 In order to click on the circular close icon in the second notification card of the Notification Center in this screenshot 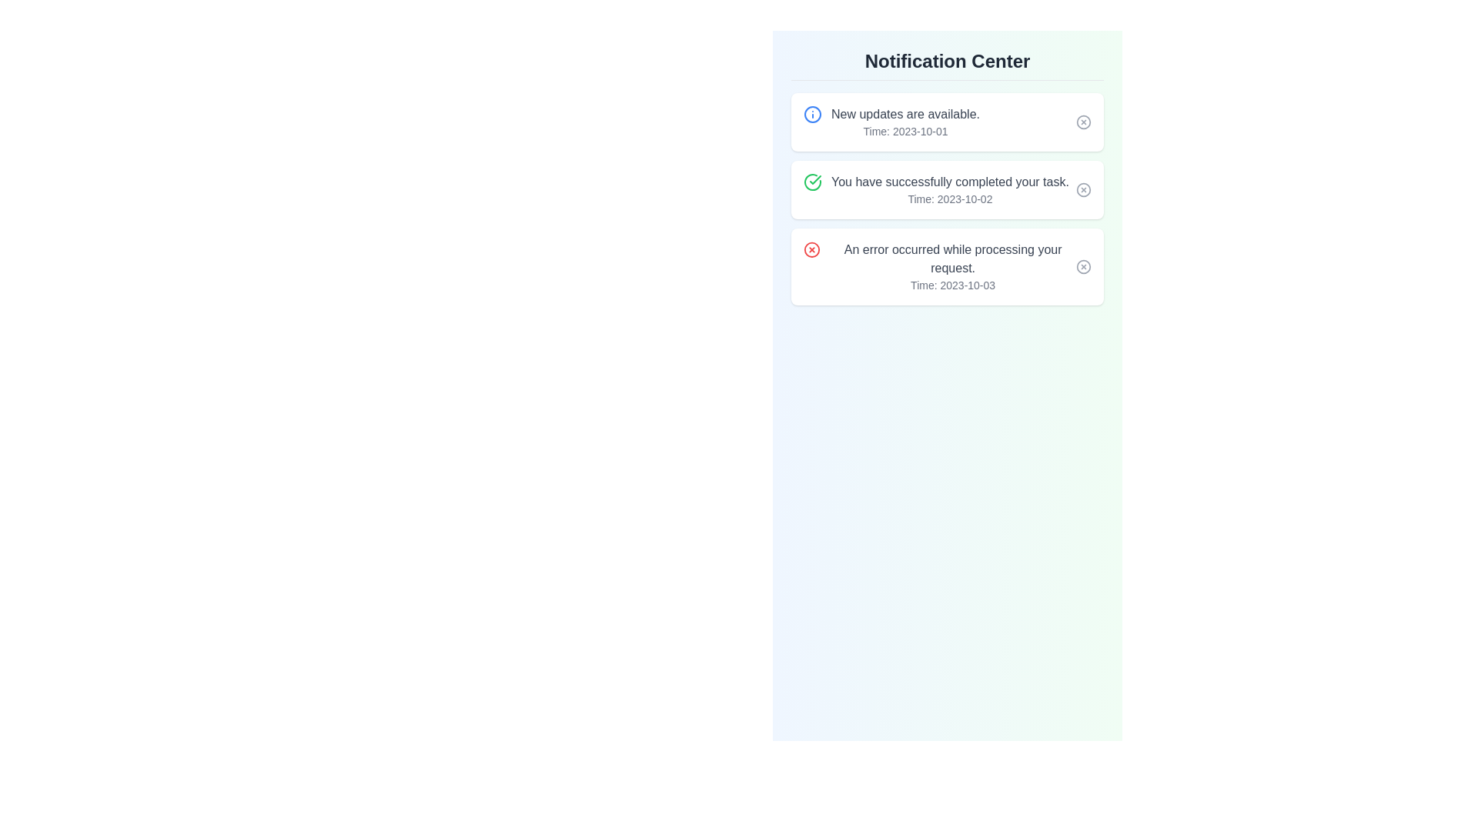, I will do `click(1082, 189)`.